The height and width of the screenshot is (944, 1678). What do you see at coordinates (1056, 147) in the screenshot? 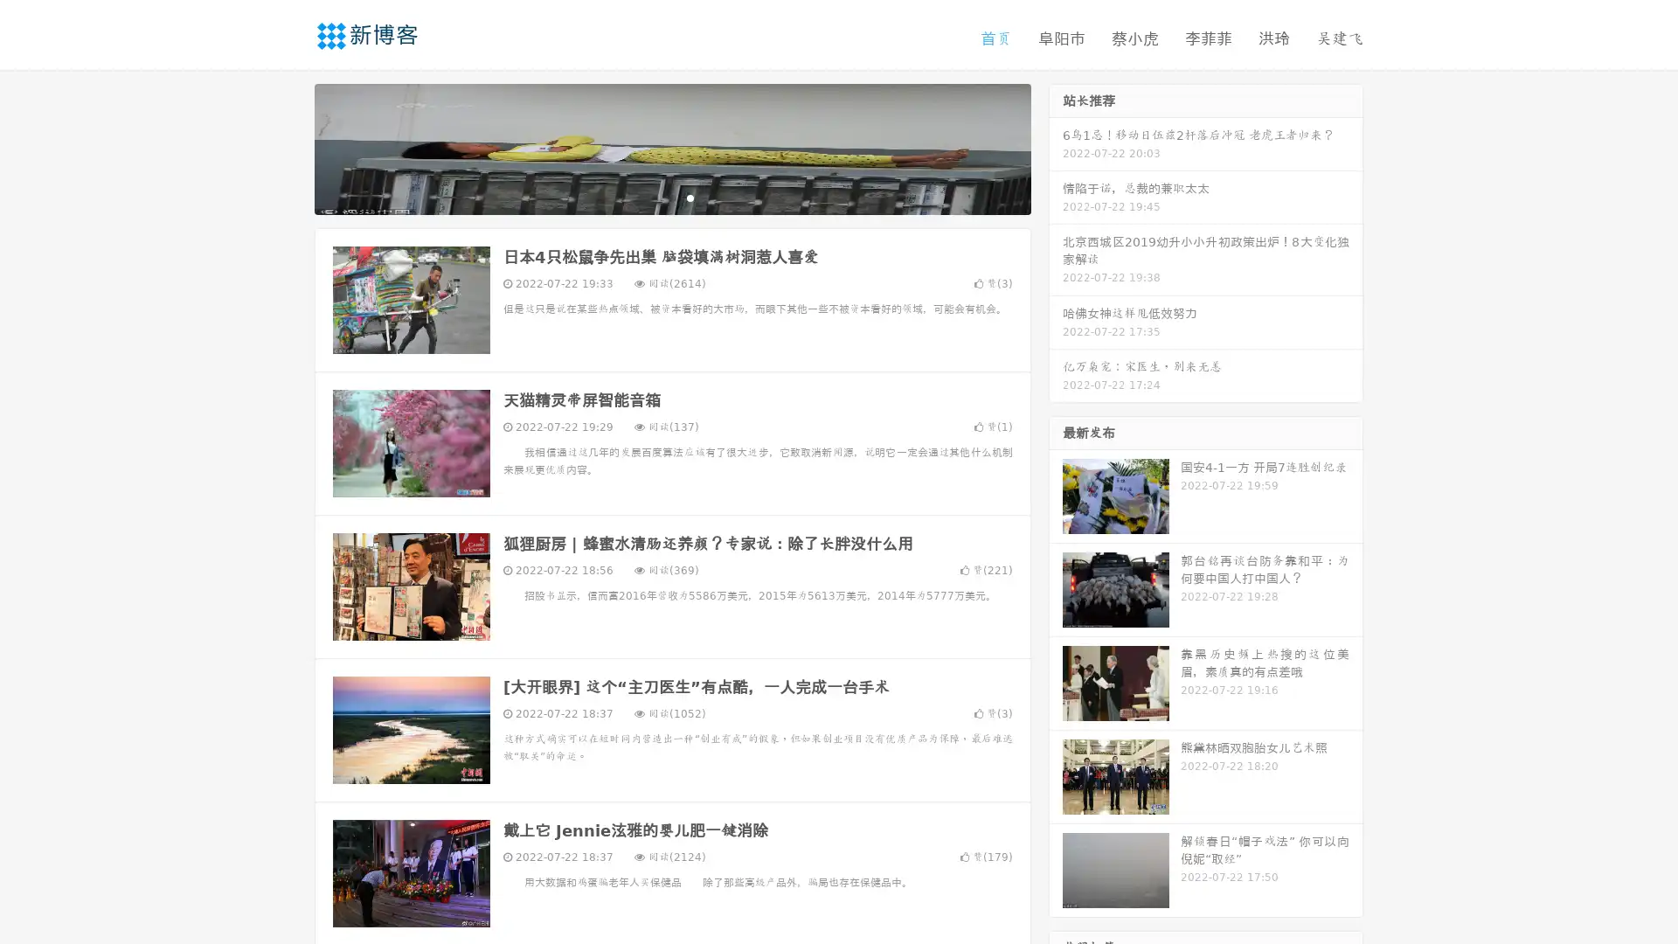
I see `Next slide` at bounding box center [1056, 147].